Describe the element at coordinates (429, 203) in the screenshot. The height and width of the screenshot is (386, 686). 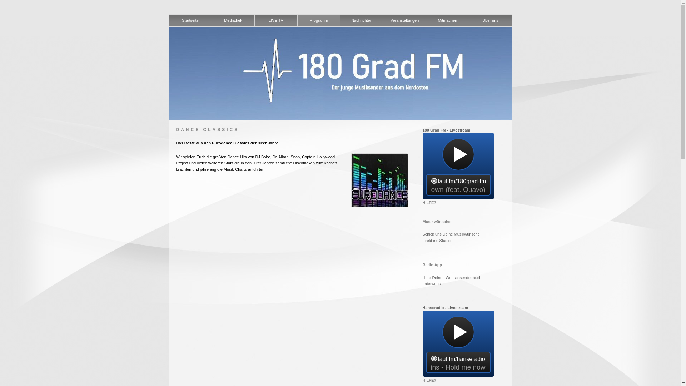
I see `'HILFE?'` at that location.